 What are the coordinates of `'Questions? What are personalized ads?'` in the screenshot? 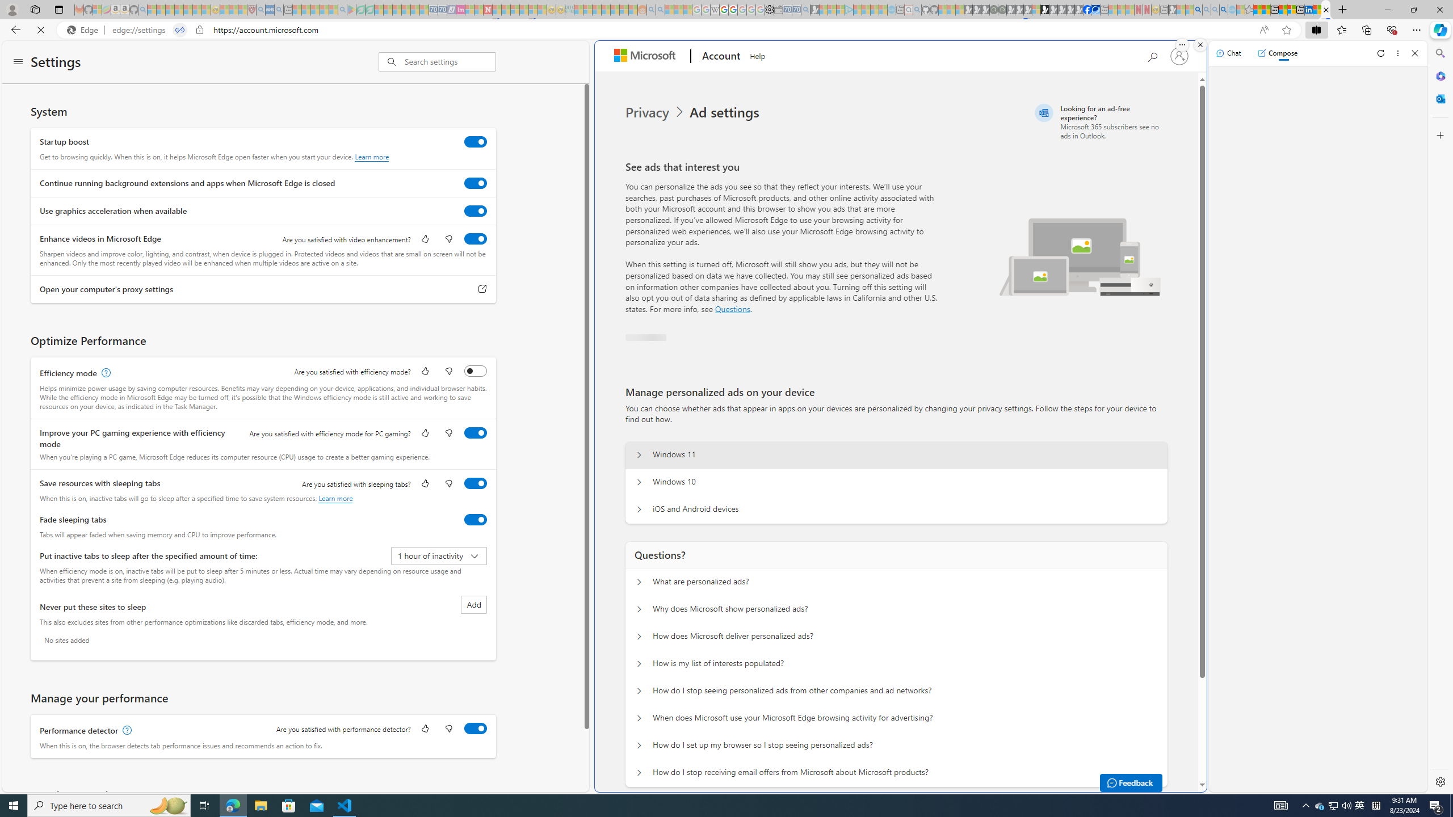 It's located at (639, 582).